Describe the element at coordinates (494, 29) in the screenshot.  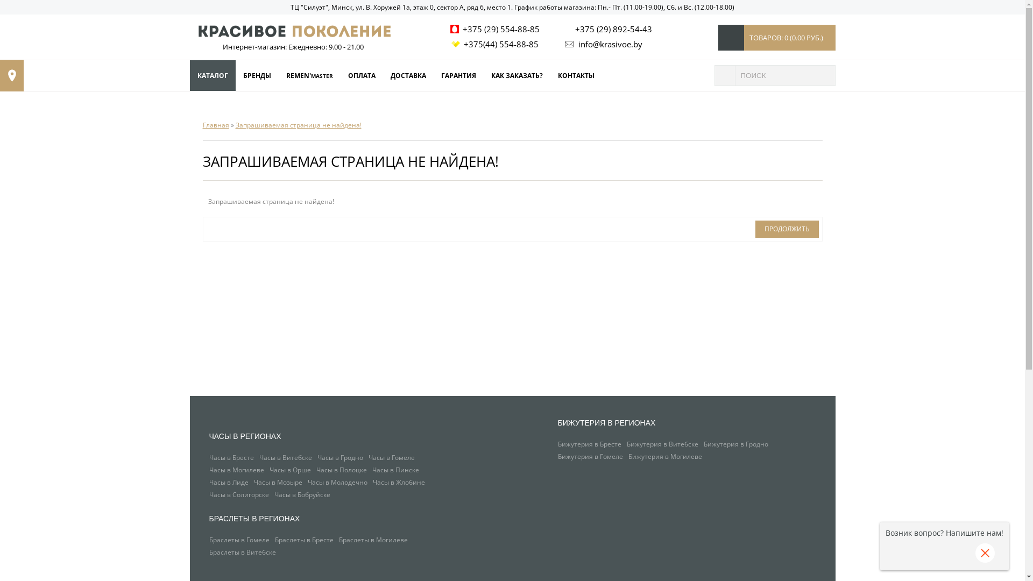
I see `'+375 (29) 554-88-85'` at that location.